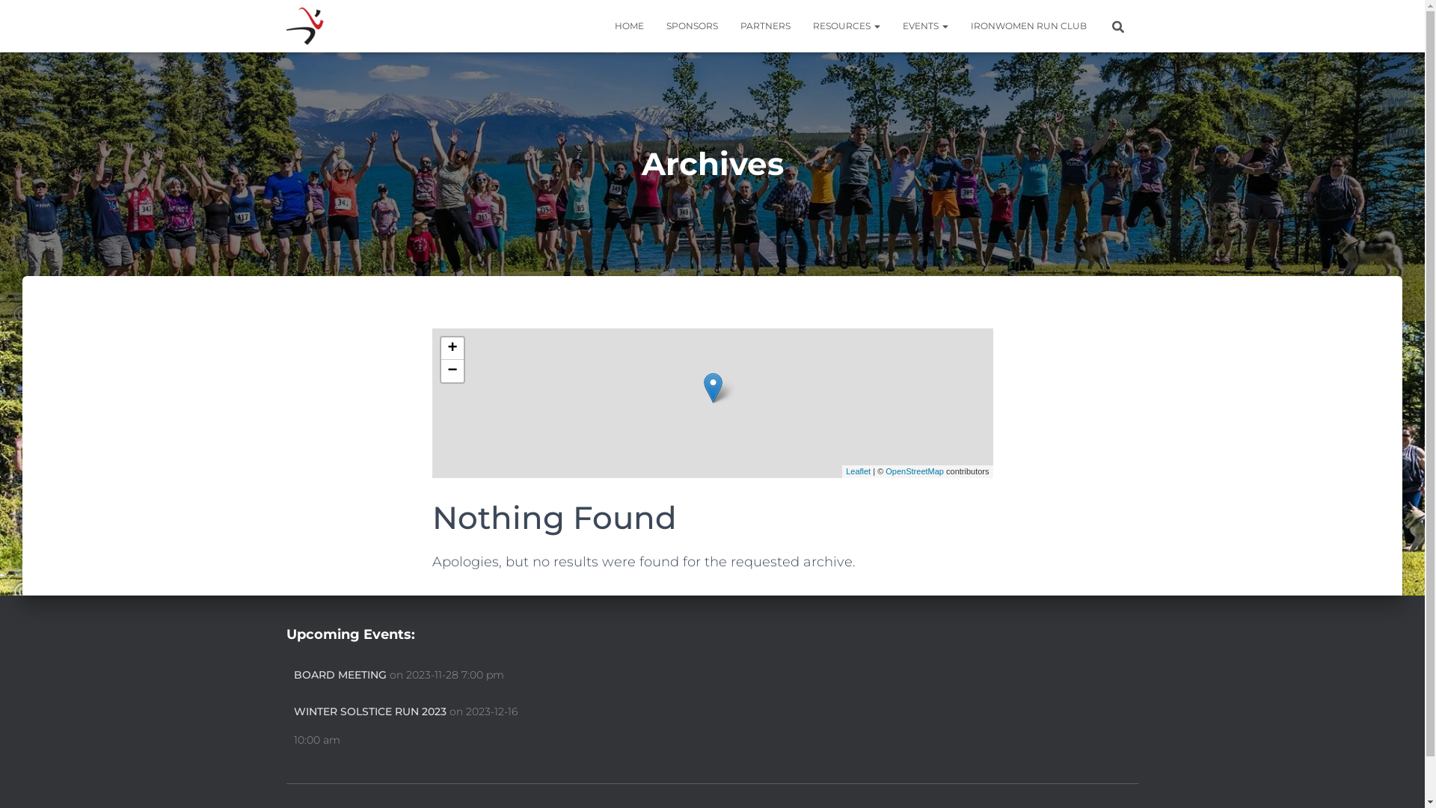 The width and height of the screenshot is (1436, 808). What do you see at coordinates (764, 25) in the screenshot?
I see `'PARTNERS'` at bounding box center [764, 25].